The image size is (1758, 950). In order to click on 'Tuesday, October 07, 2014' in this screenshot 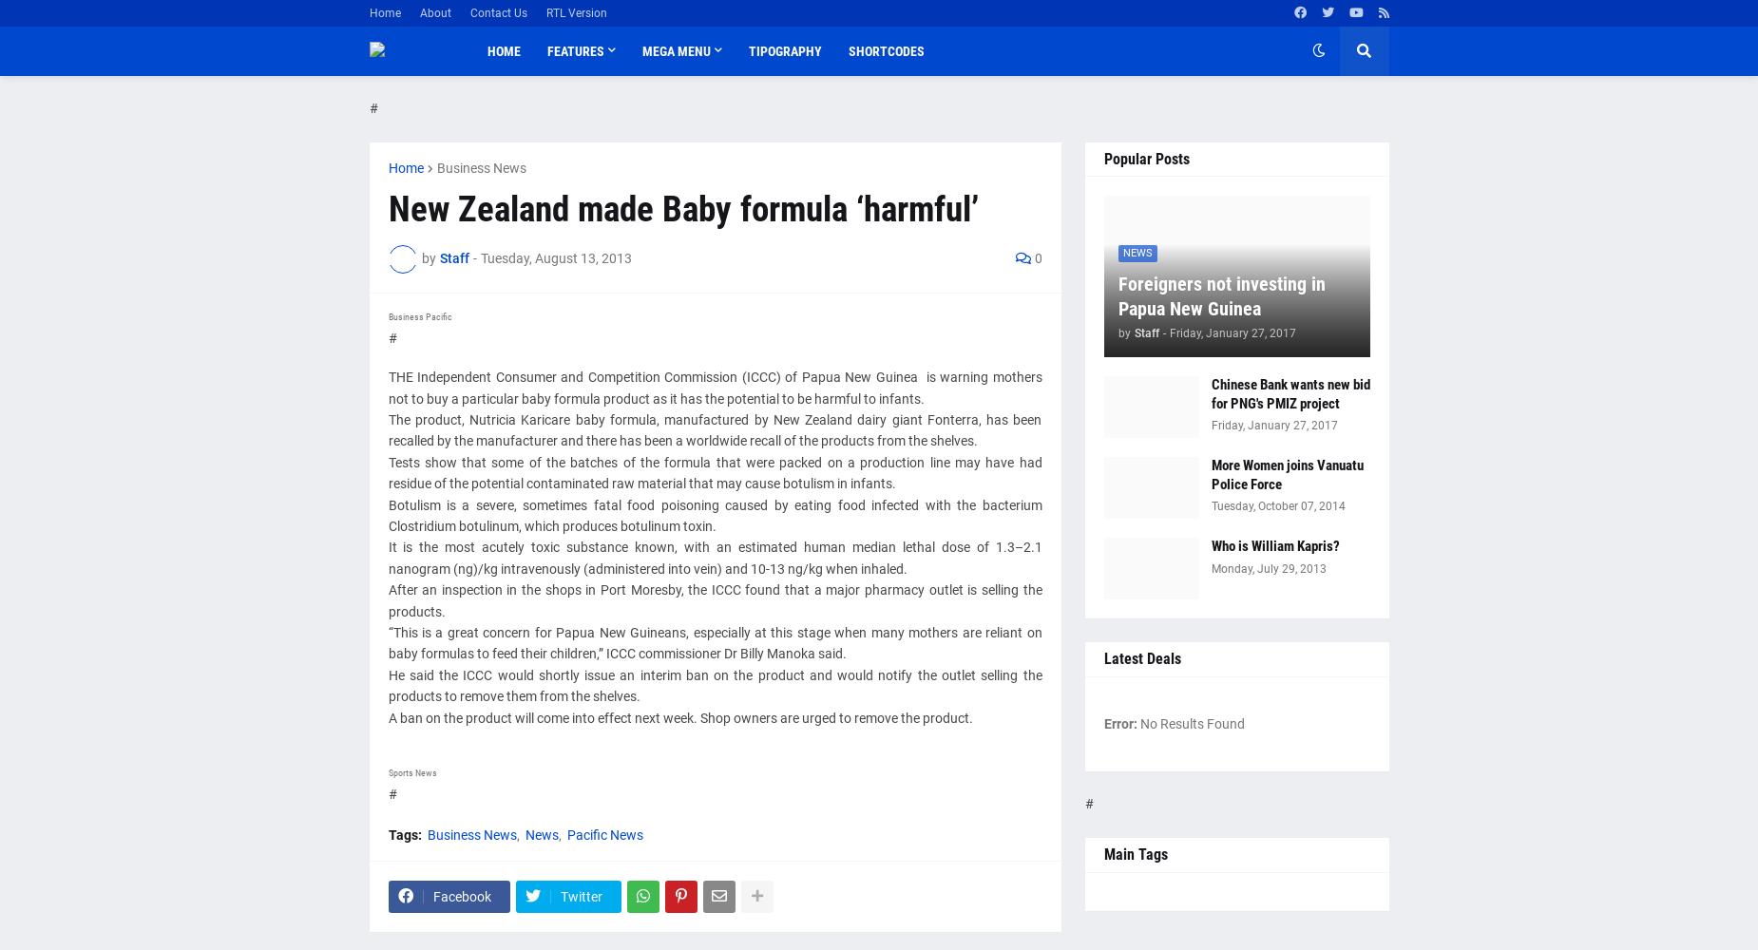, I will do `click(1276, 506)`.